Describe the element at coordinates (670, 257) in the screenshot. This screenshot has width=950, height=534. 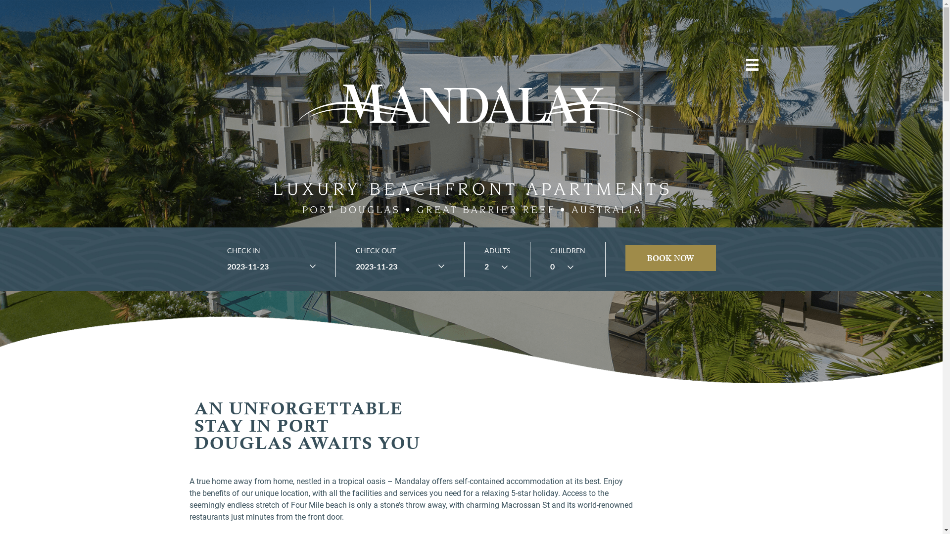
I see `'BOOK NOW'` at that location.